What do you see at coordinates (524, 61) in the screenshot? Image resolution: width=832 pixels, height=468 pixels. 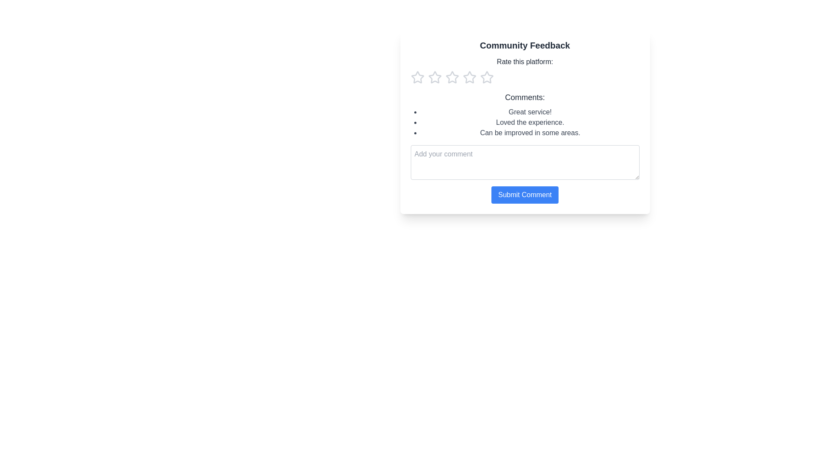 I see `the Text Label that guides the user on the purpose of the adjacent star icons for rating the platform, located in the feedback form section` at bounding box center [524, 61].